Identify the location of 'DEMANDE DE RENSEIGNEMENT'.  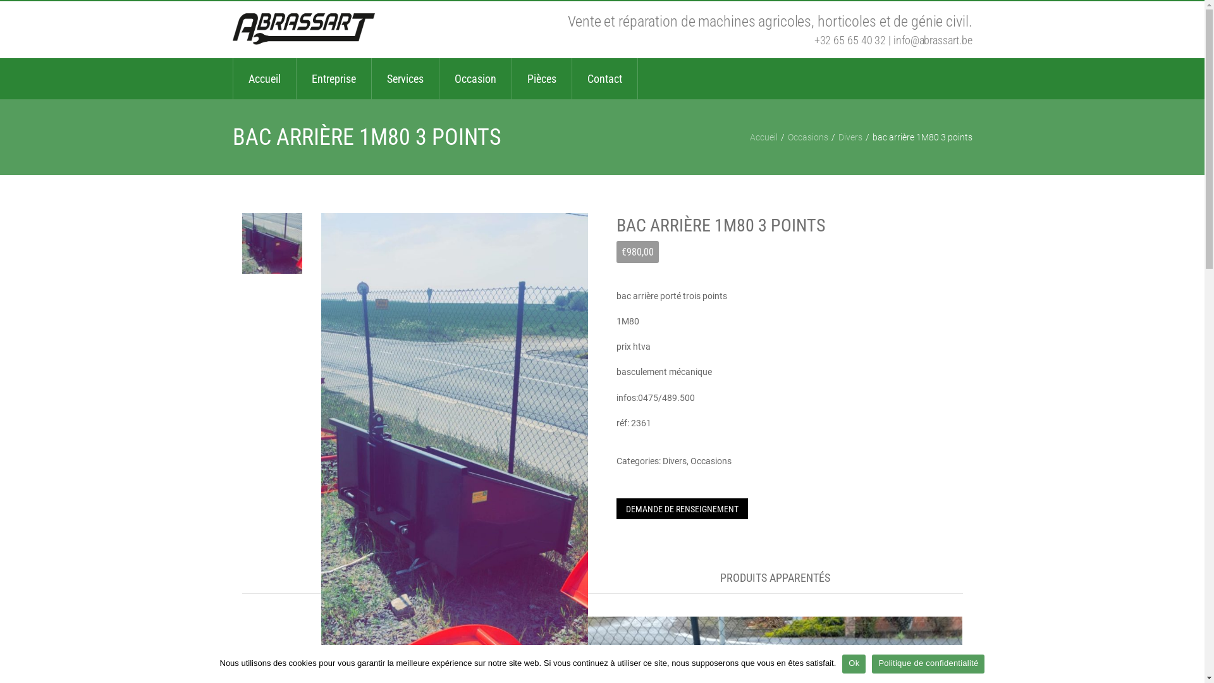
(682, 508).